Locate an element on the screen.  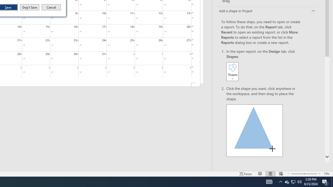
'Don' is located at coordinates (29, 7).